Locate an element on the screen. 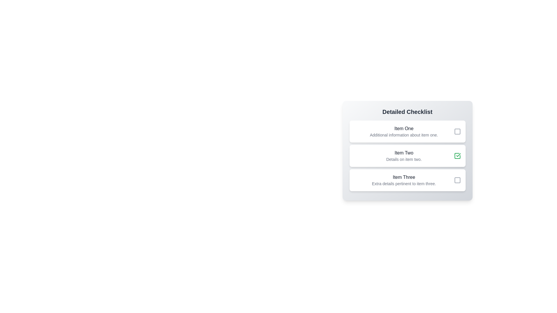 The height and width of the screenshot is (313, 557). supplementary information text label located directly below the title 'Item One' in the checklist interface is located at coordinates (404, 135).